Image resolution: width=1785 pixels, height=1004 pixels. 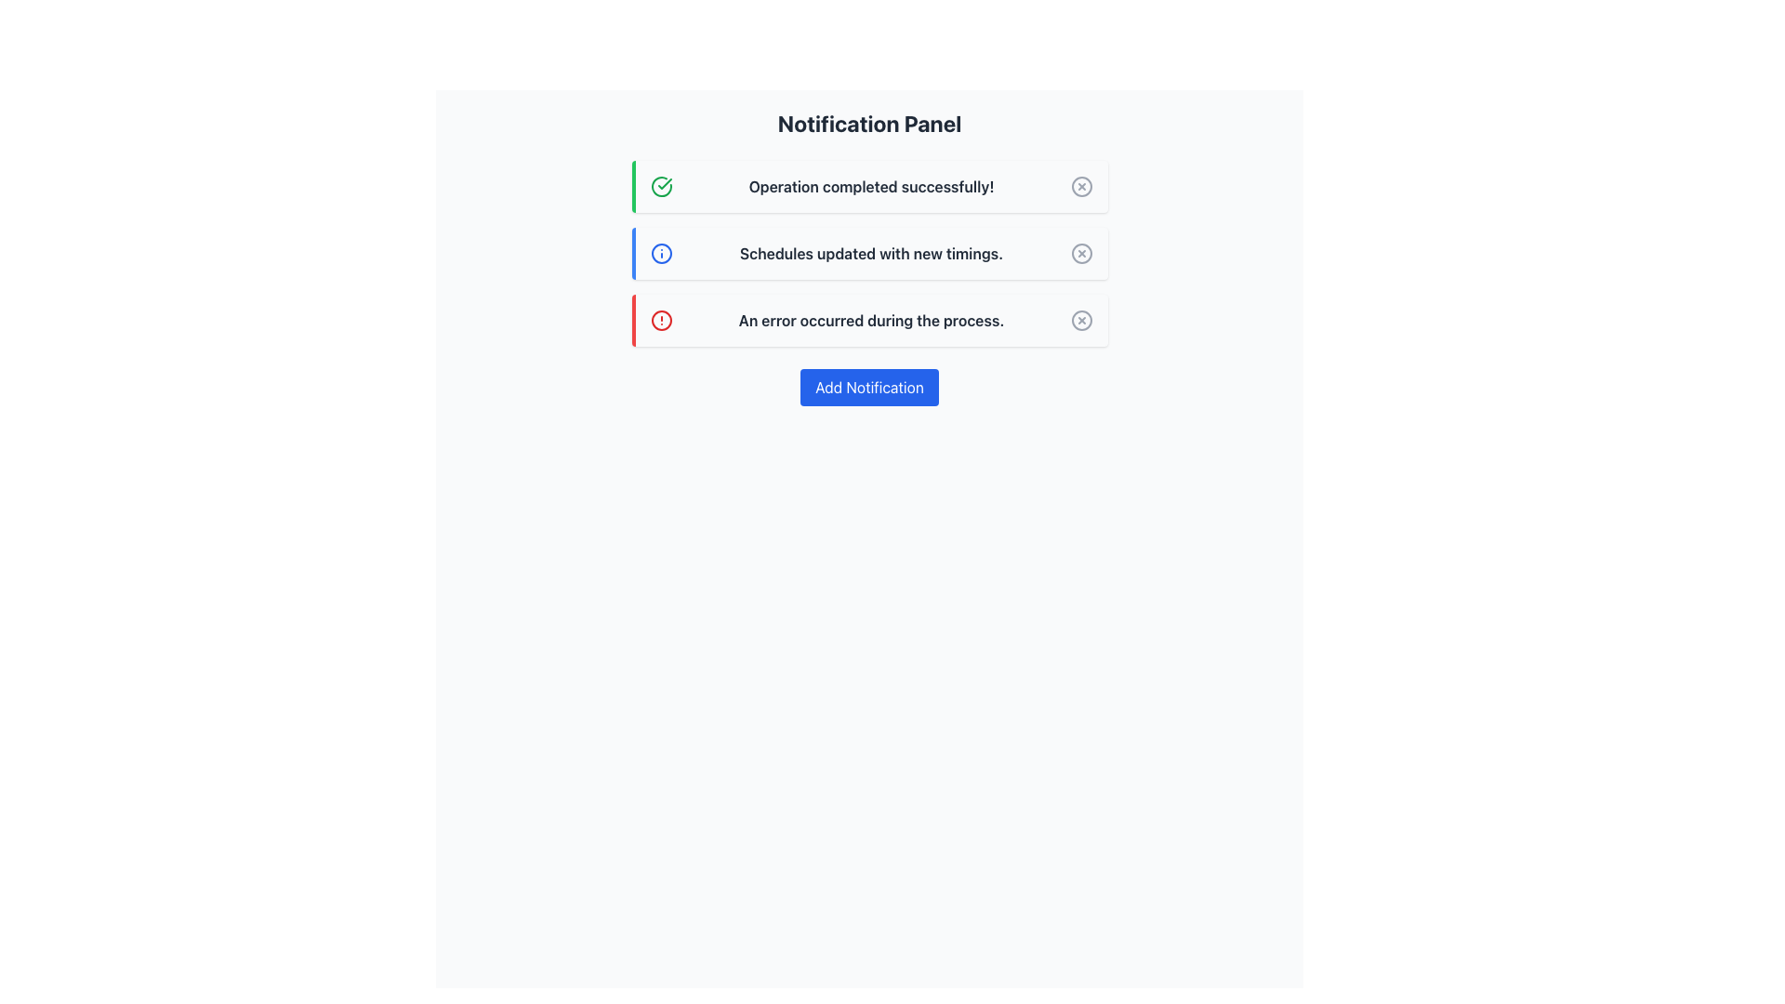 What do you see at coordinates (868, 123) in the screenshot?
I see `'Notification Panel' header text, which is a prominent and bold label located at the top-center of the page` at bounding box center [868, 123].